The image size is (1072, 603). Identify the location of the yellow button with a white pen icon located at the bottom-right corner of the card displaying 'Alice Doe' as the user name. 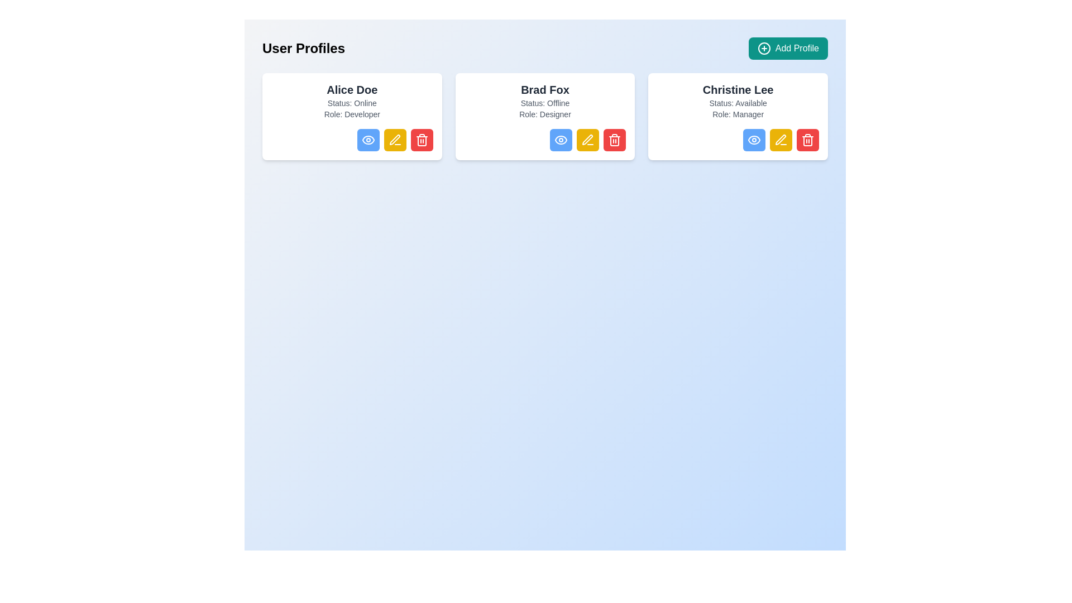
(395, 139).